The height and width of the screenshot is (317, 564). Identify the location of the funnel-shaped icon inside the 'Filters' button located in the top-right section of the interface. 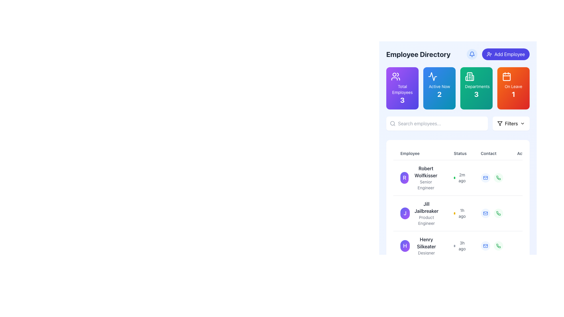
(499, 123).